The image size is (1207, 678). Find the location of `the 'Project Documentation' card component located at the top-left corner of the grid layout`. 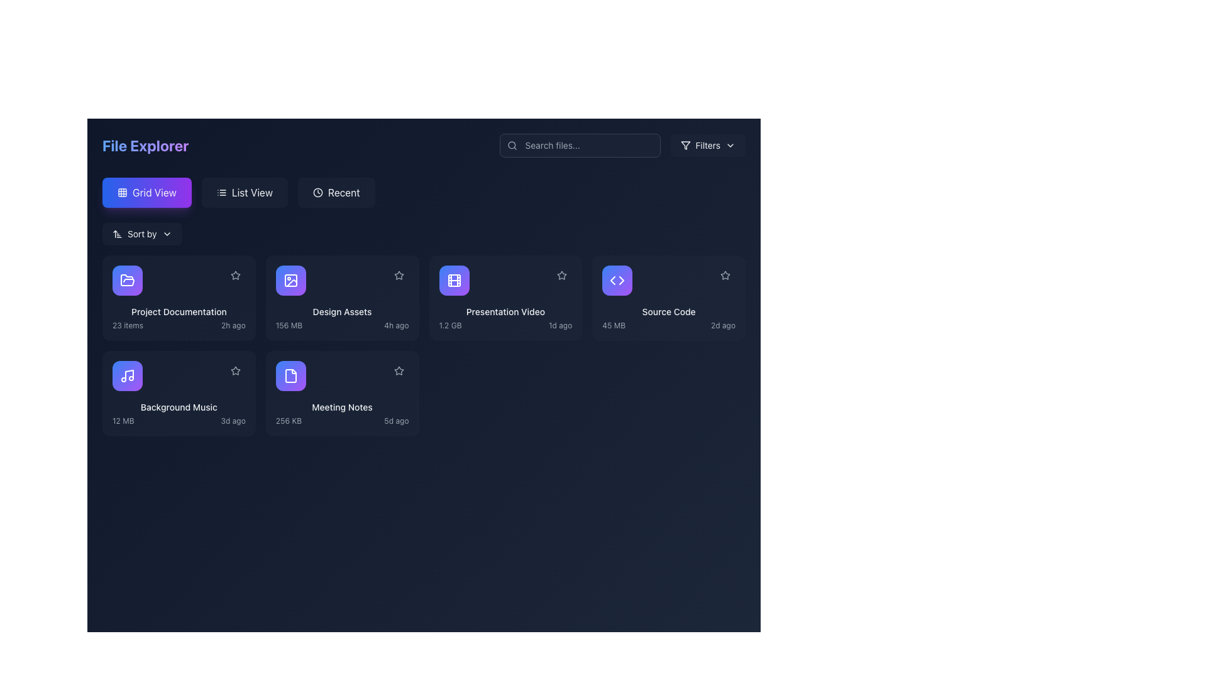

the 'Project Documentation' card component located at the top-left corner of the grid layout is located at coordinates (178, 298).